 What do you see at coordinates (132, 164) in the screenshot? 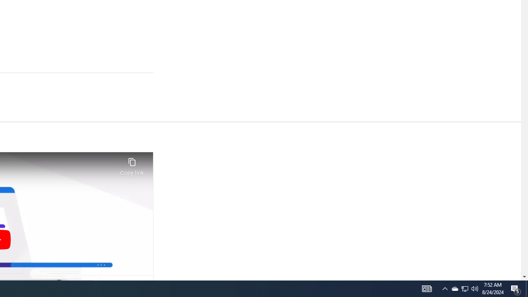
I see `'Copy link'` at bounding box center [132, 164].